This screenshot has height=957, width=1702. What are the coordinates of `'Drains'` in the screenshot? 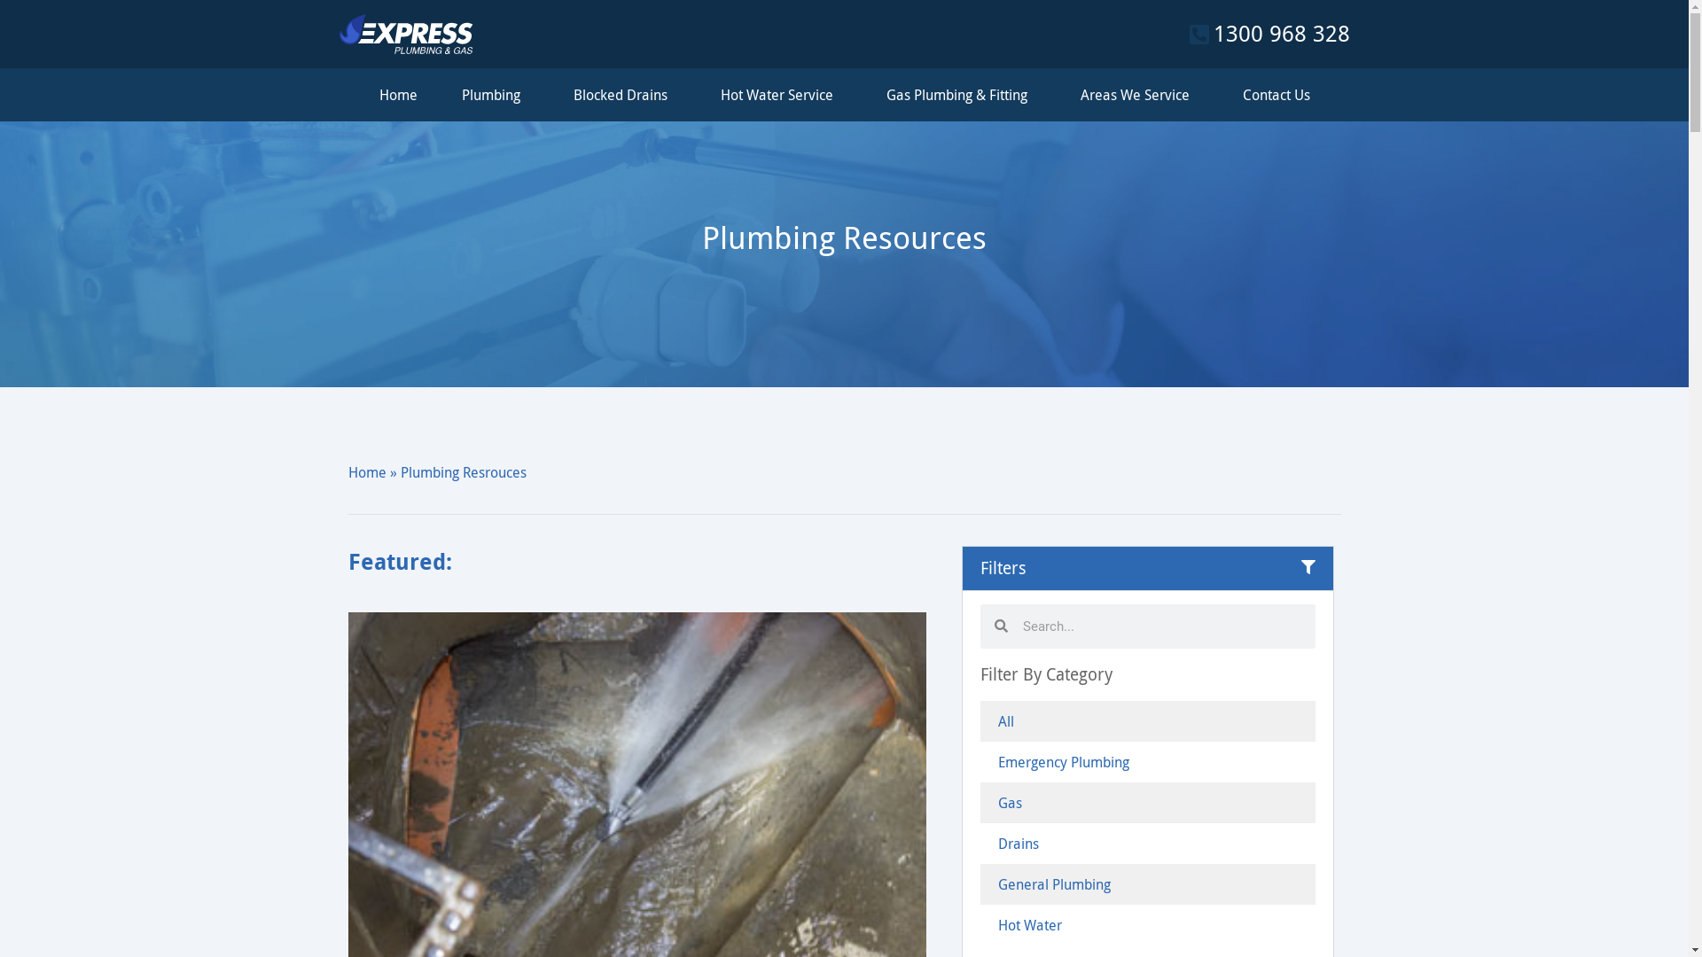 It's located at (1148, 843).